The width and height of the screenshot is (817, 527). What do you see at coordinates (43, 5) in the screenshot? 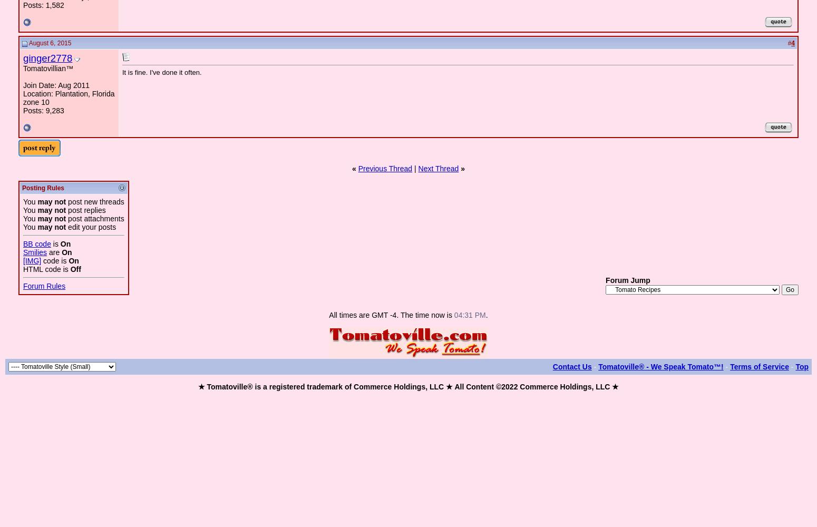
I see `'Posts: 1,582'` at bounding box center [43, 5].